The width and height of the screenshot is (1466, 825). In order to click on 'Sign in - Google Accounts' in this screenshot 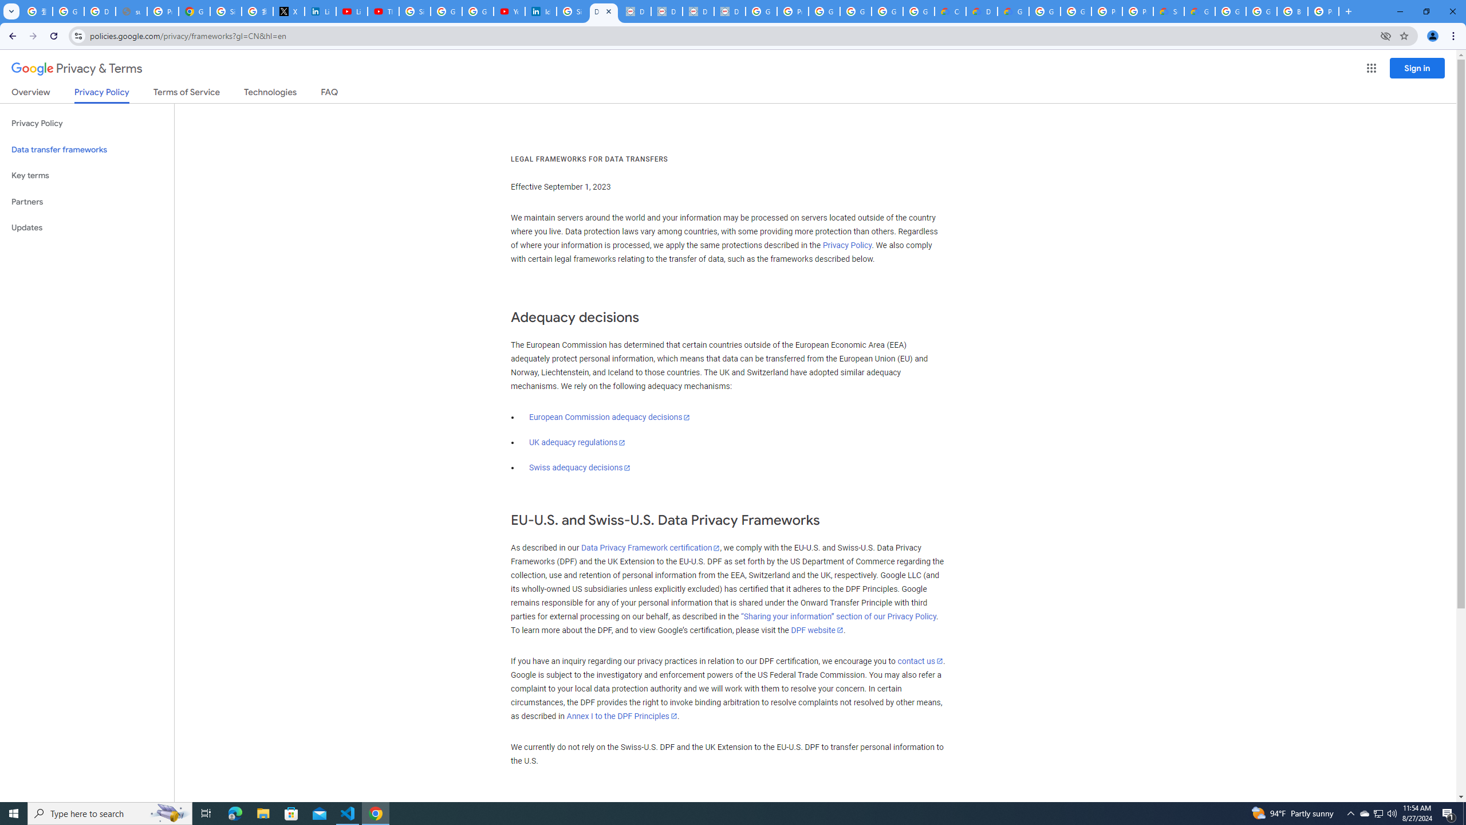, I will do `click(226, 11)`.